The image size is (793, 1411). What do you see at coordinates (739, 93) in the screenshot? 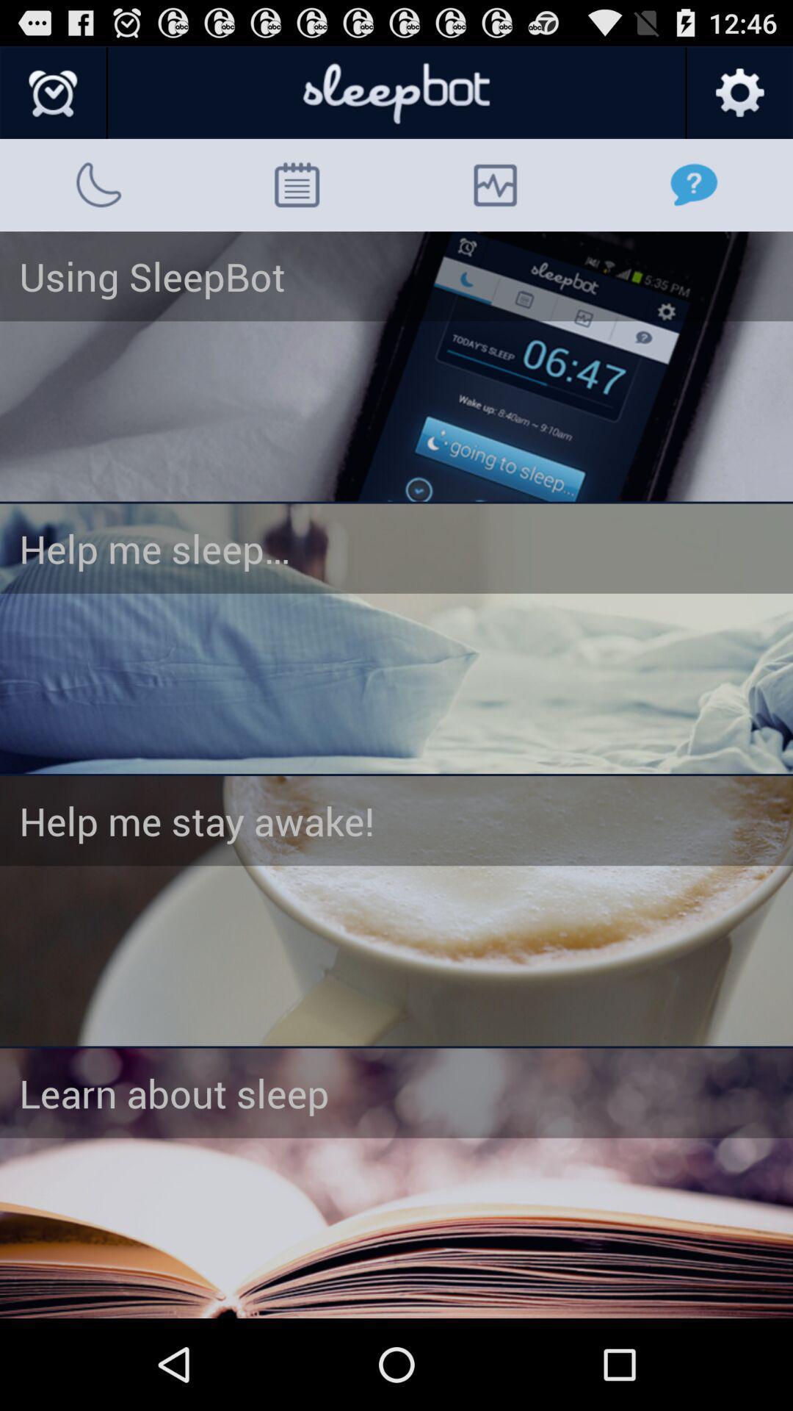
I see `settings` at bounding box center [739, 93].